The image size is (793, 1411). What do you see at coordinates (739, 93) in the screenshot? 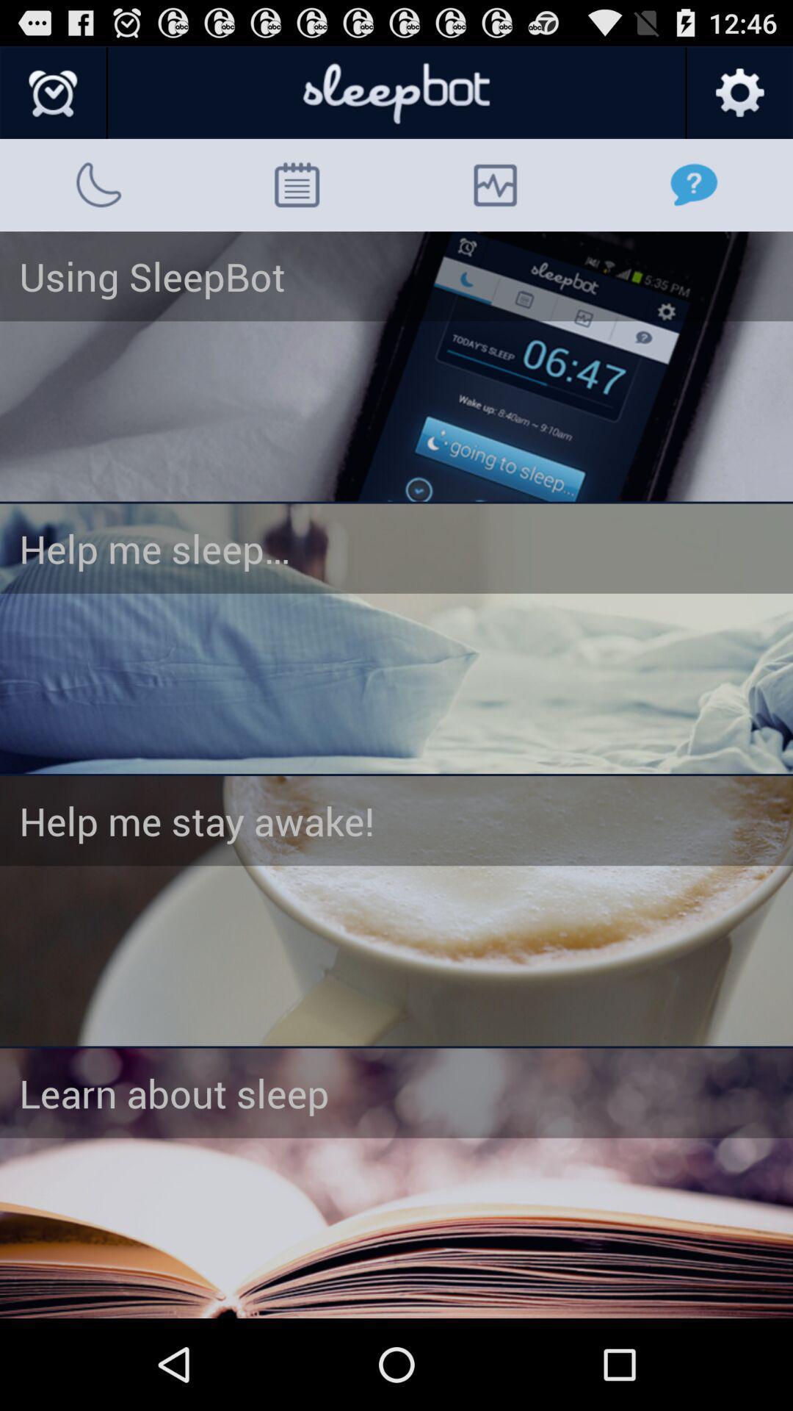
I see `settings` at bounding box center [739, 93].